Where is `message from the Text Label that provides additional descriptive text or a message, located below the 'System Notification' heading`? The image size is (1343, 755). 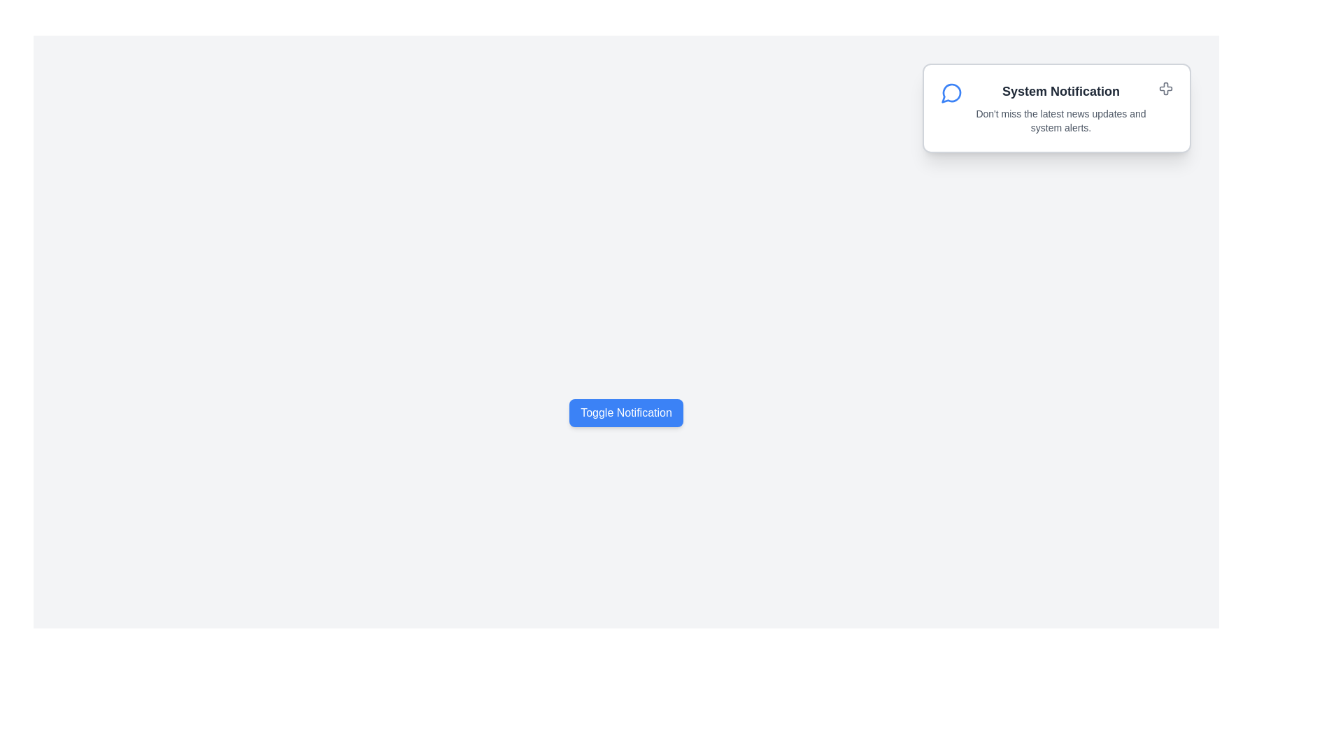
message from the Text Label that provides additional descriptive text or a message, located below the 'System Notification' heading is located at coordinates (1060, 120).